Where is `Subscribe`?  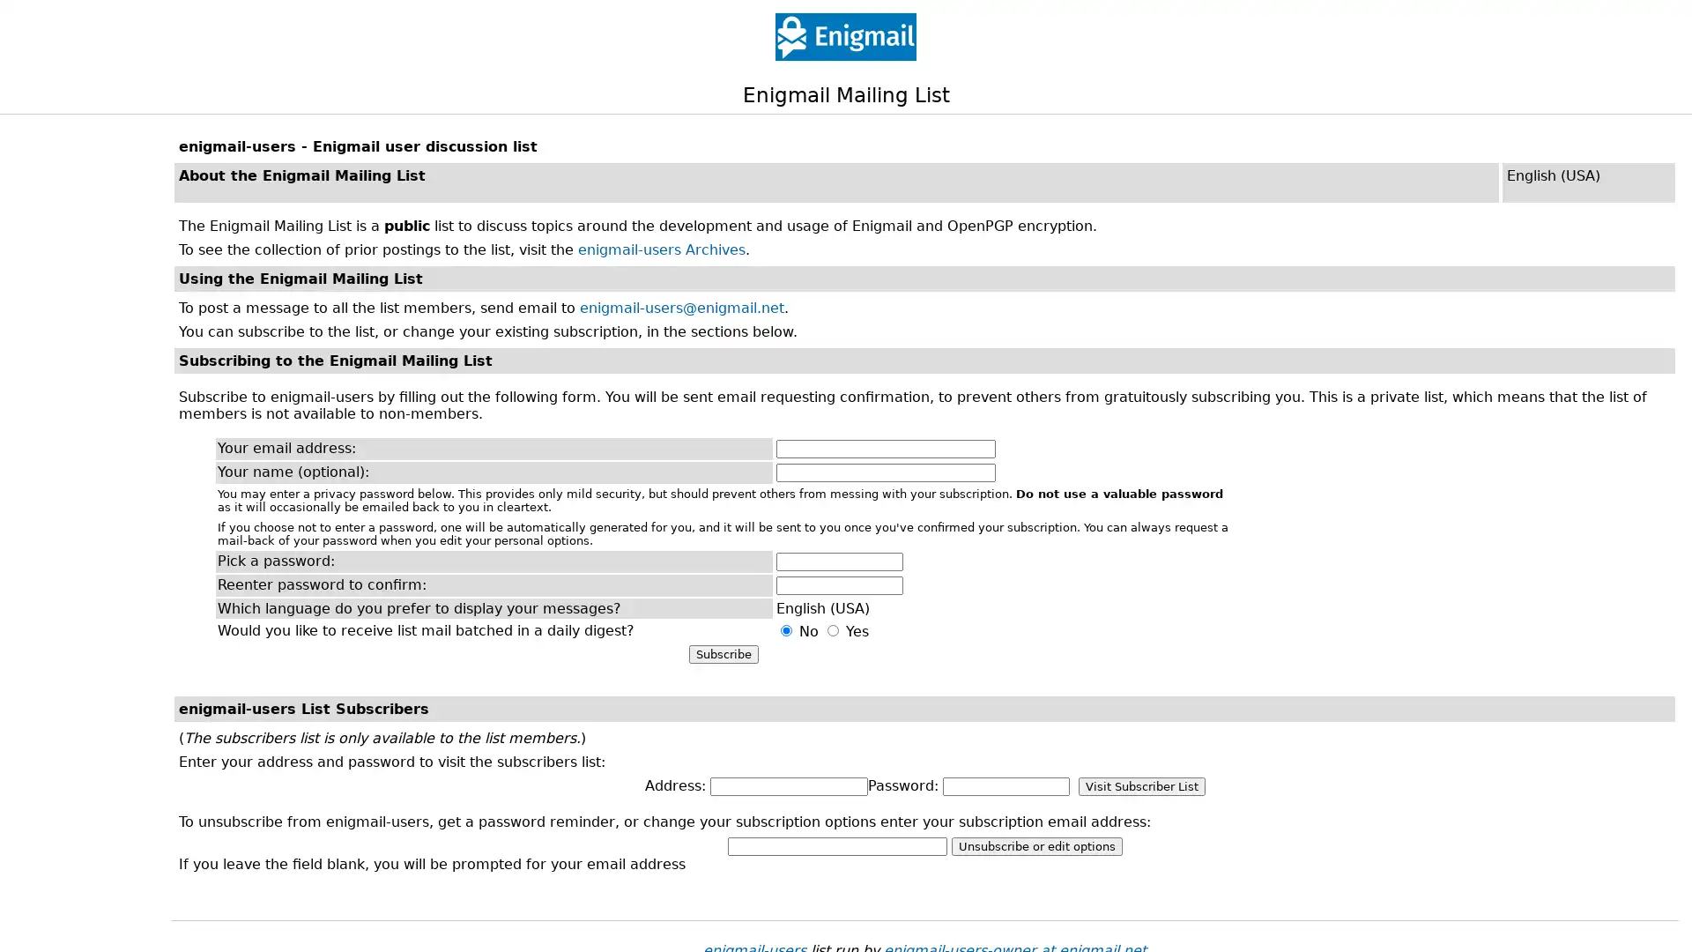
Subscribe is located at coordinates (724, 654).